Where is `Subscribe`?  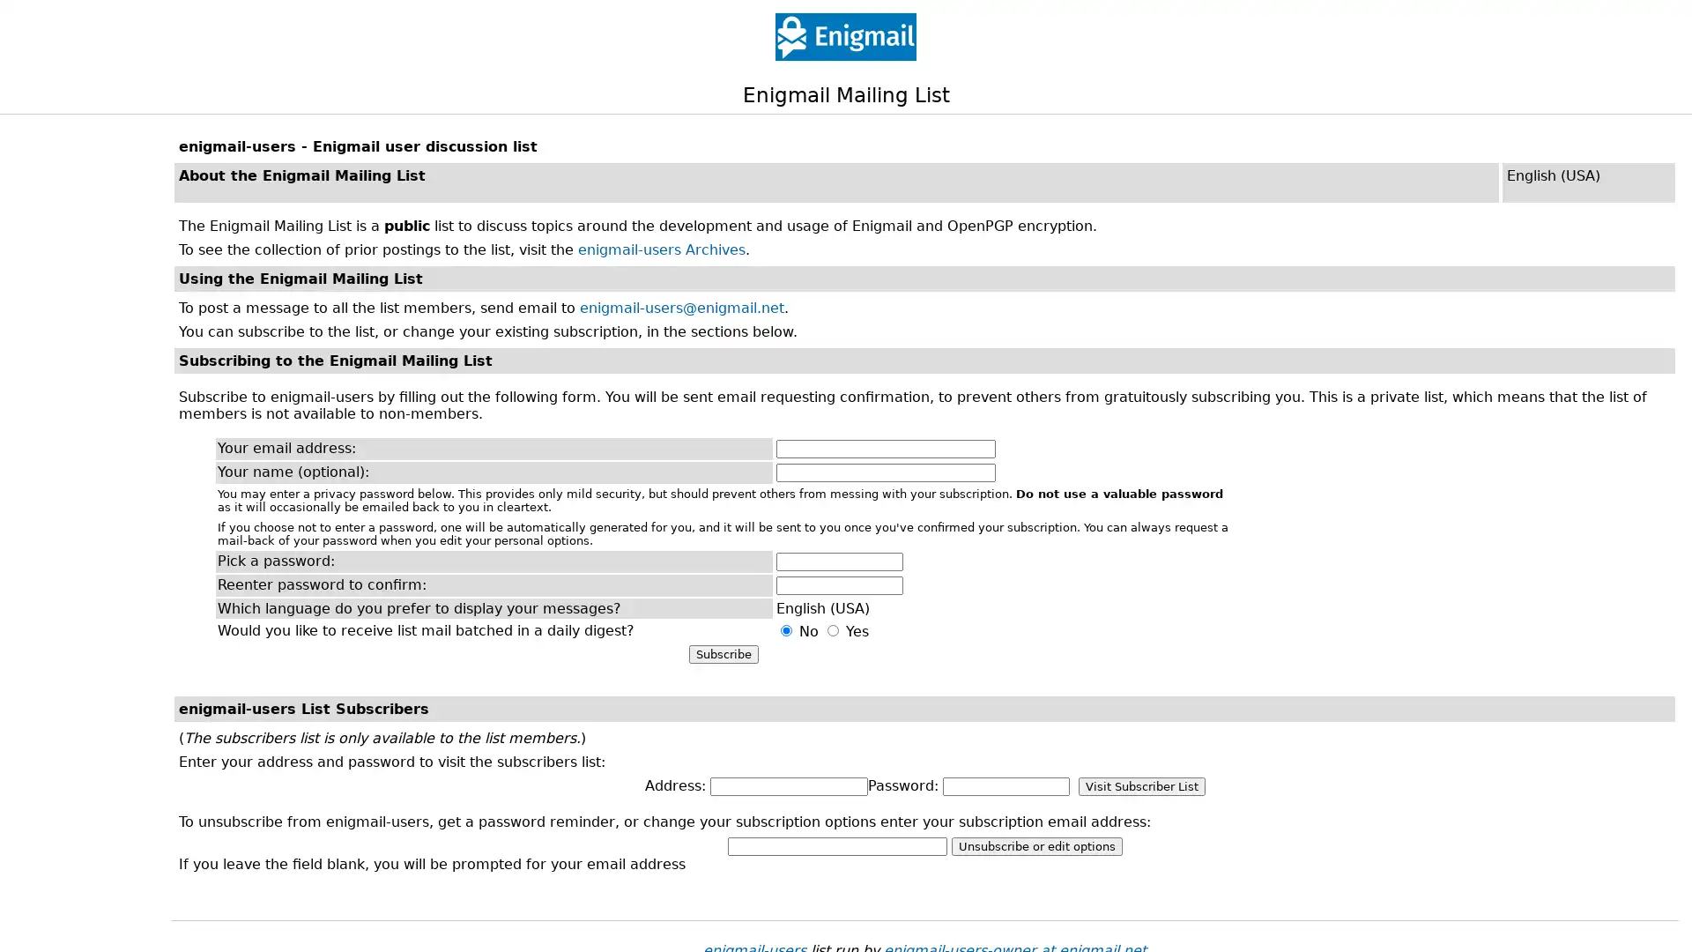
Subscribe is located at coordinates (724, 654).